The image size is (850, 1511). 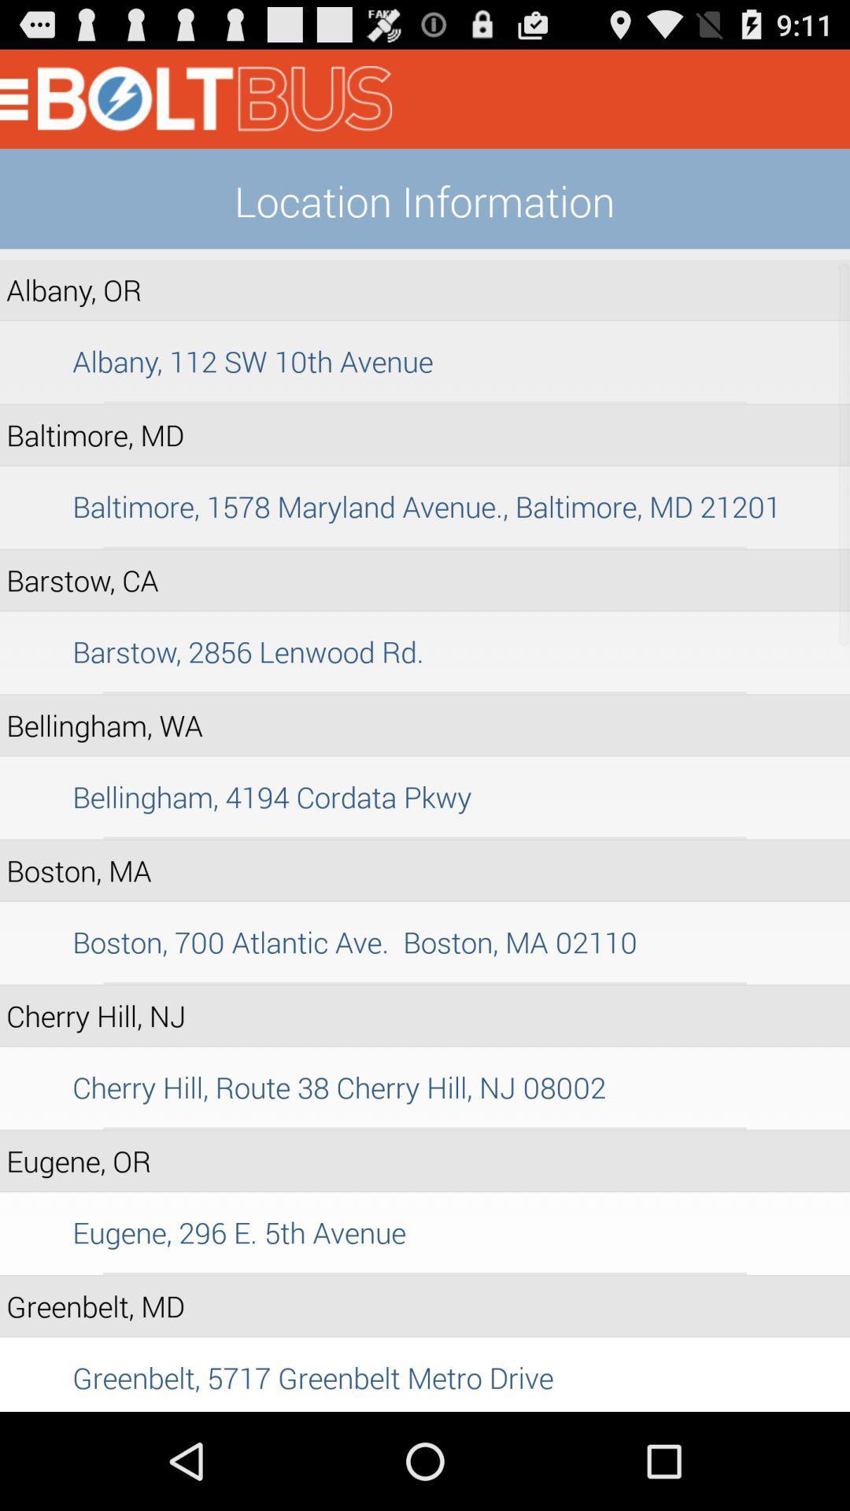 What do you see at coordinates (425, 402) in the screenshot?
I see `the item above baltimore, md item` at bounding box center [425, 402].